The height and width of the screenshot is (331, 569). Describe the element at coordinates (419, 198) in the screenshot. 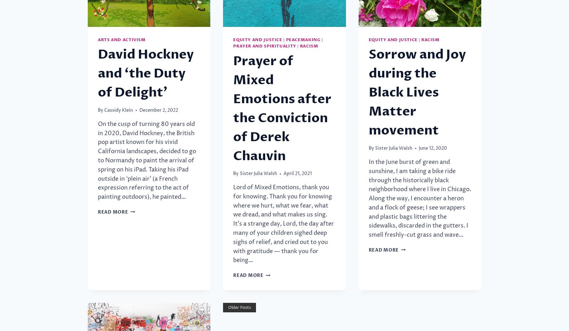

I see `'In the June burst of green and sunshine, I am taking a bike ride through the historically black neighborhood where I live in Chicago. Along the way, I encounter a heron and a flock of geese; I see wrappers and plastic bags littering the sidewalks, discarded in the gutters. I smell freshly-cut grass and wave…'` at that location.